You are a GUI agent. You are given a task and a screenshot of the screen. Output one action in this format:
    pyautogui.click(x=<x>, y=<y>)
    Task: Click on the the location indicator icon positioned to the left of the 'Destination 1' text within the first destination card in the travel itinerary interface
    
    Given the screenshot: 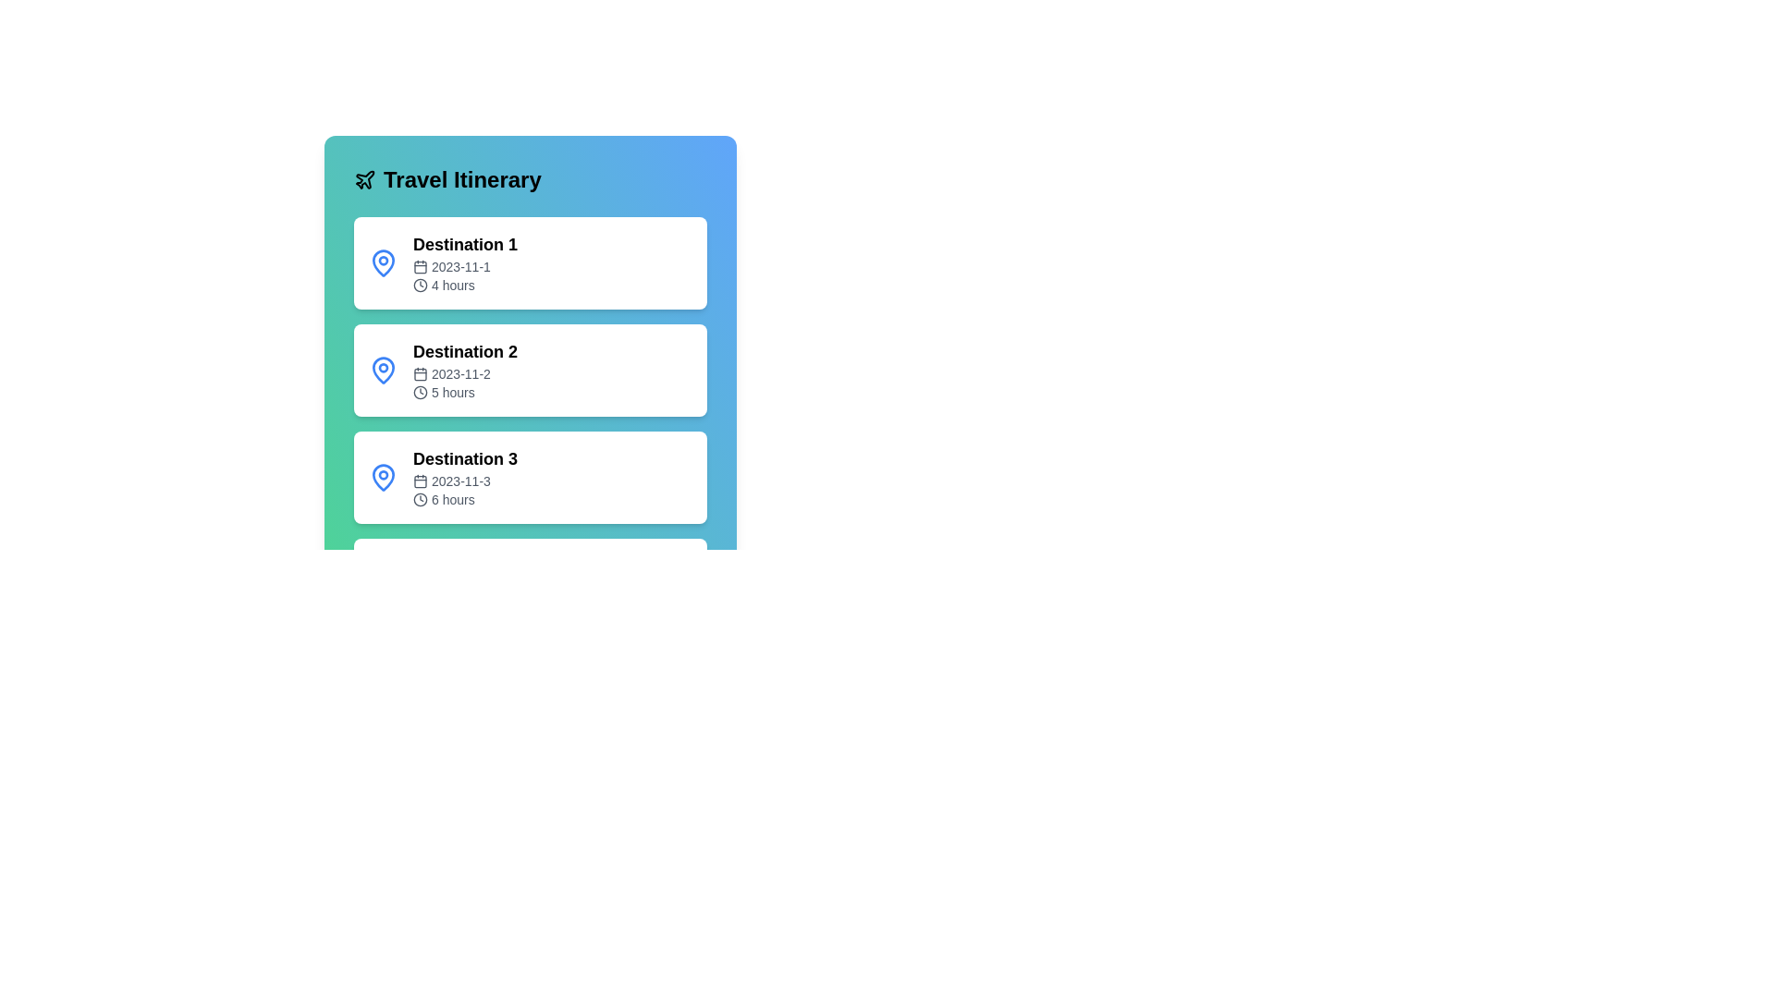 What is the action you would take?
    pyautogui.click(x=382, y=263)
    